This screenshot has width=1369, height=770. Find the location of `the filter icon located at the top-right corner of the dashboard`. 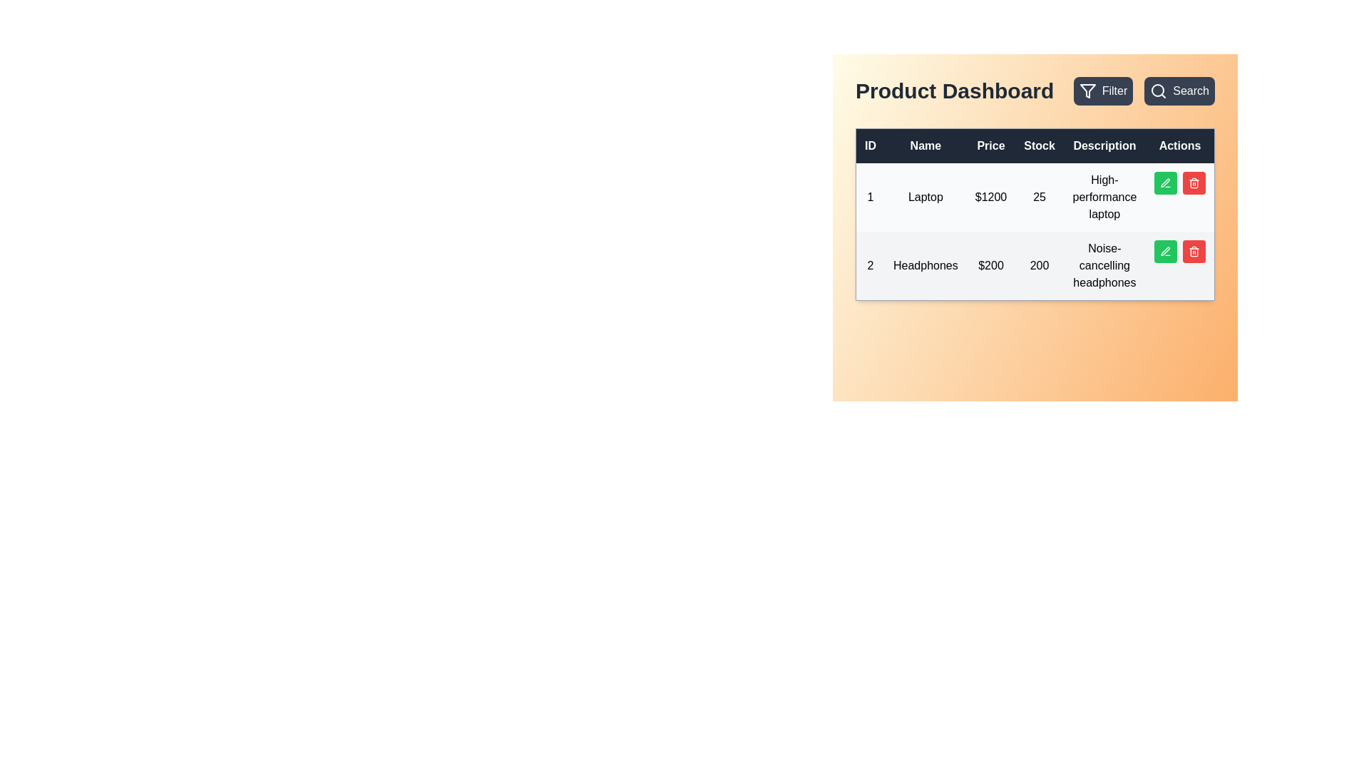

the filter icon located at the top-right corner of the dashboard is located at coordinates (1087, 91).